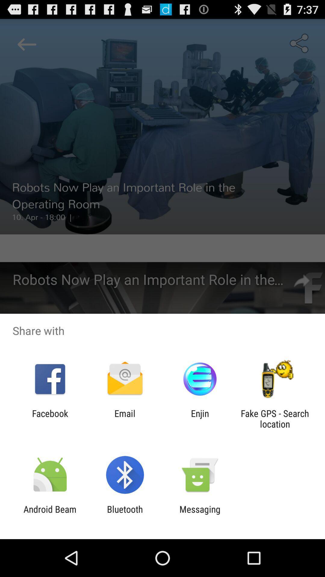 Image resolution: width=325 pixels, height=577 pixels. What do you see at coordinates (200, 514) in the screenshot?
I see `app to the right of the bluetooth app` at bounding box center [200, 514].